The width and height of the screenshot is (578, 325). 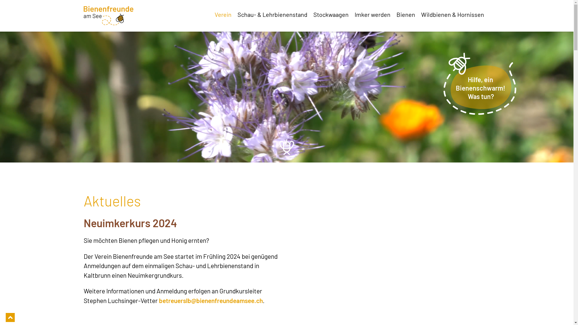 What do you see at coordinates (313, 14) in the screenshot?
I see `'Stockwaagen'` at bounding box center [313, 14].